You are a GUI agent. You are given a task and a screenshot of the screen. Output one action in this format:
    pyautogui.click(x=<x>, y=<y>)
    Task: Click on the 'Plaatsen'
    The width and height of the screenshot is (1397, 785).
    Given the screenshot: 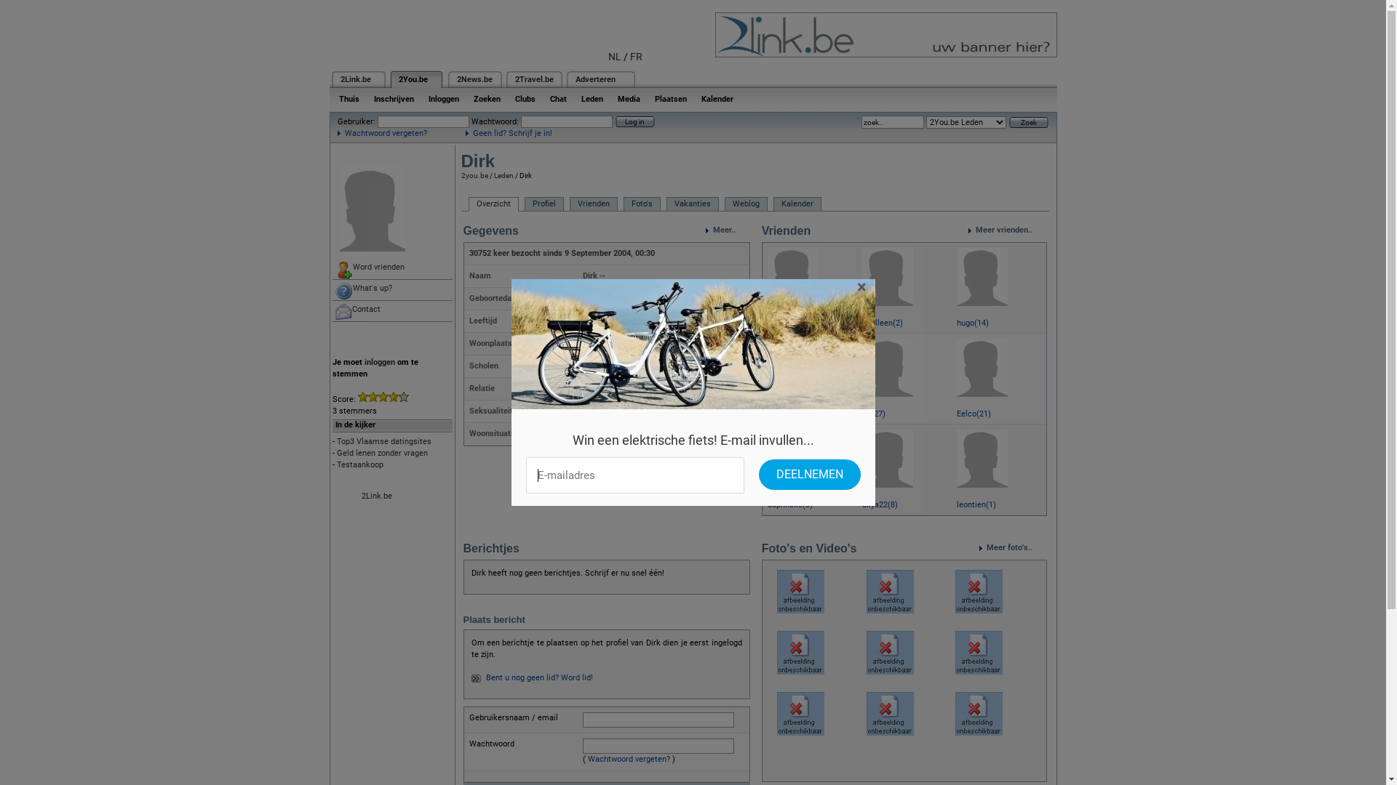 What is the action you would take?
    pyautogui.click(x=669, y=98)
    